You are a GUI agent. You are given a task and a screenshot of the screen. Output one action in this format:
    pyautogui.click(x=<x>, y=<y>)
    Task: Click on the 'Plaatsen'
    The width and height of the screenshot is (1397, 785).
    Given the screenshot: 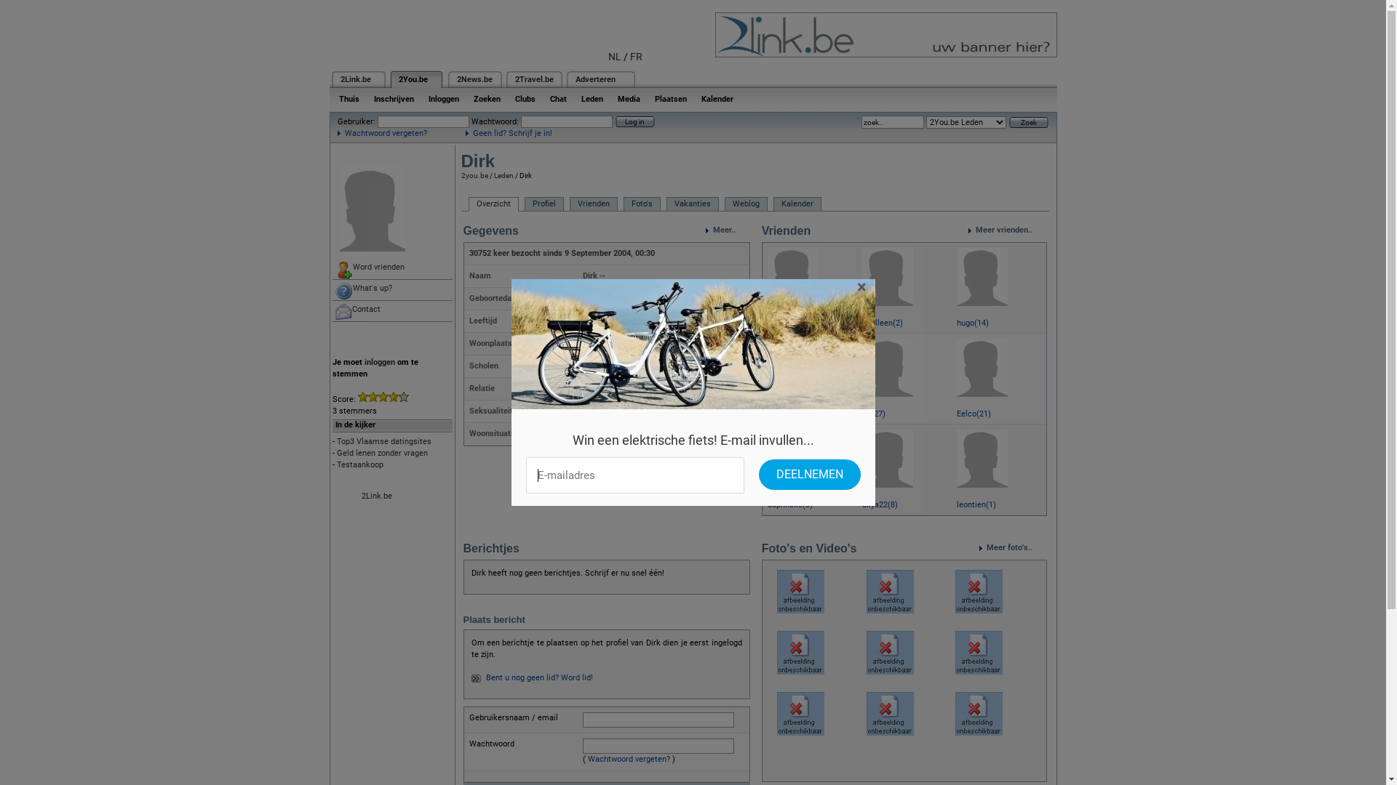 What is the action you would take?
    pyautogui.click(x=669, y=98)
    